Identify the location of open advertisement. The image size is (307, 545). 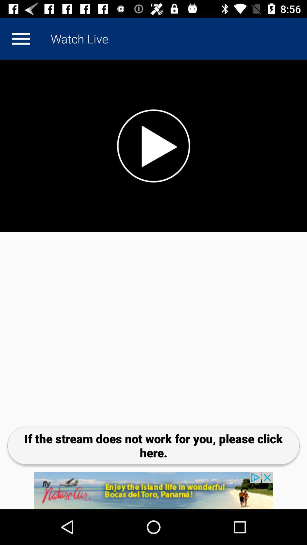
(153, 490).